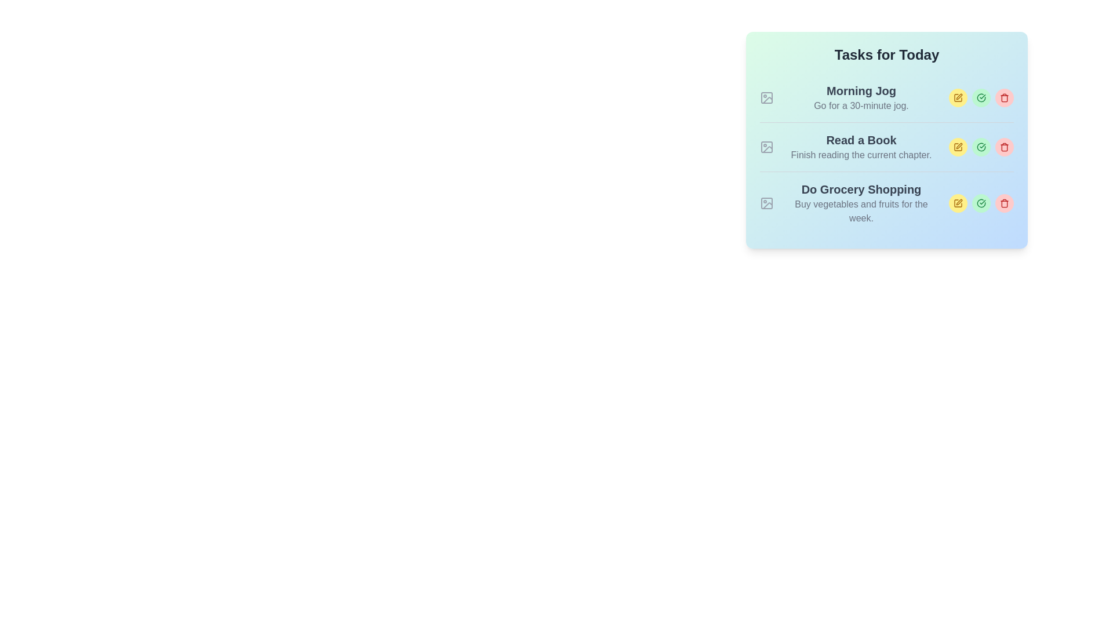  Describe the element at coordinates (981, 203) in the screenshot. I see `the circular icon button with a green checkmark inside, located in the rightmost column of icons, which corresponds to the completion action for the task 'Read a Book.'` at that location.